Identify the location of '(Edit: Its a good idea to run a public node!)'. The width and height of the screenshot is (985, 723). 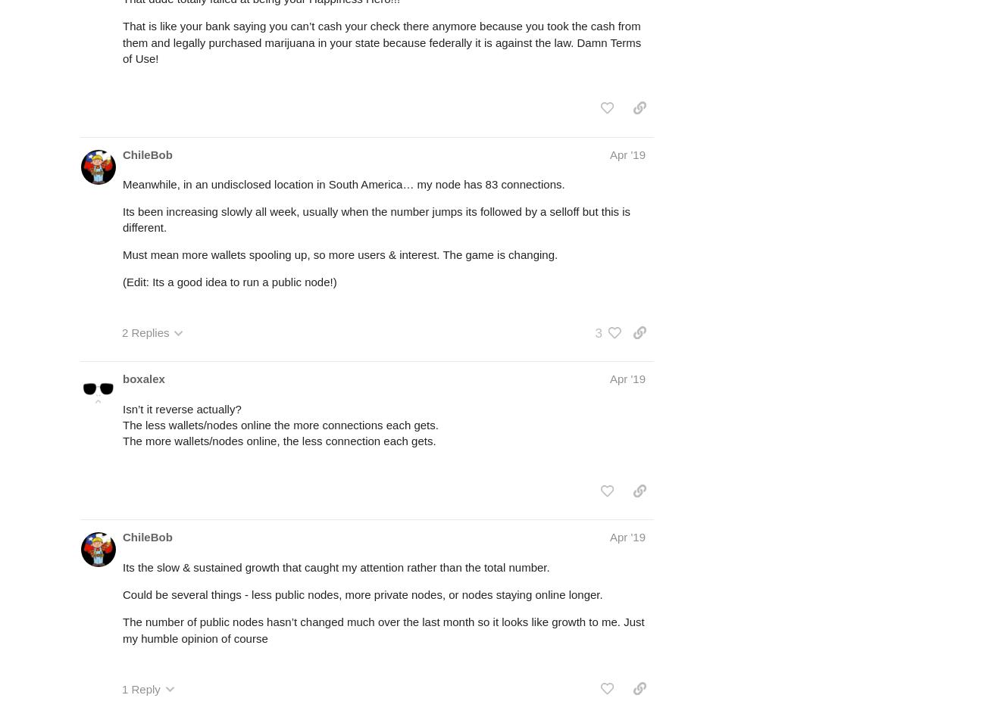
(230, 281).